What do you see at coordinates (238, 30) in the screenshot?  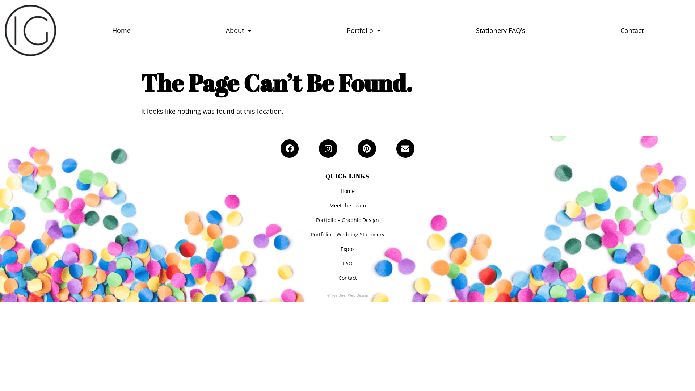 I see `'About'` at bounding box center [238, 30].